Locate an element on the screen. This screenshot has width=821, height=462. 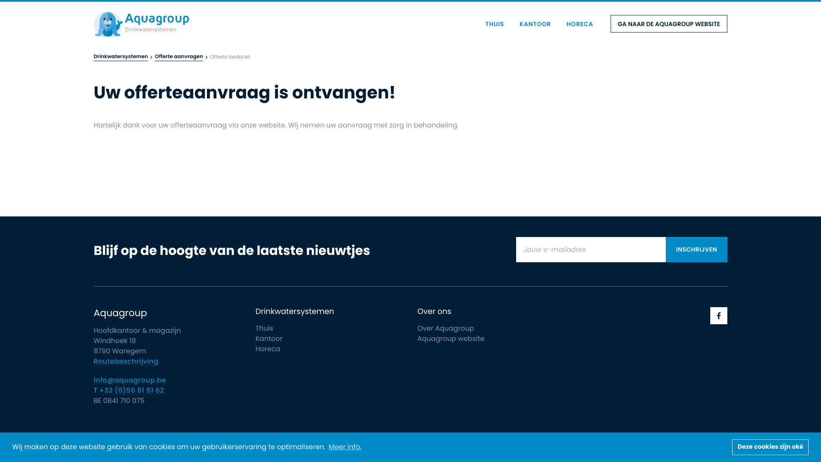
'THUIS' is located at coordinates (494, 23).